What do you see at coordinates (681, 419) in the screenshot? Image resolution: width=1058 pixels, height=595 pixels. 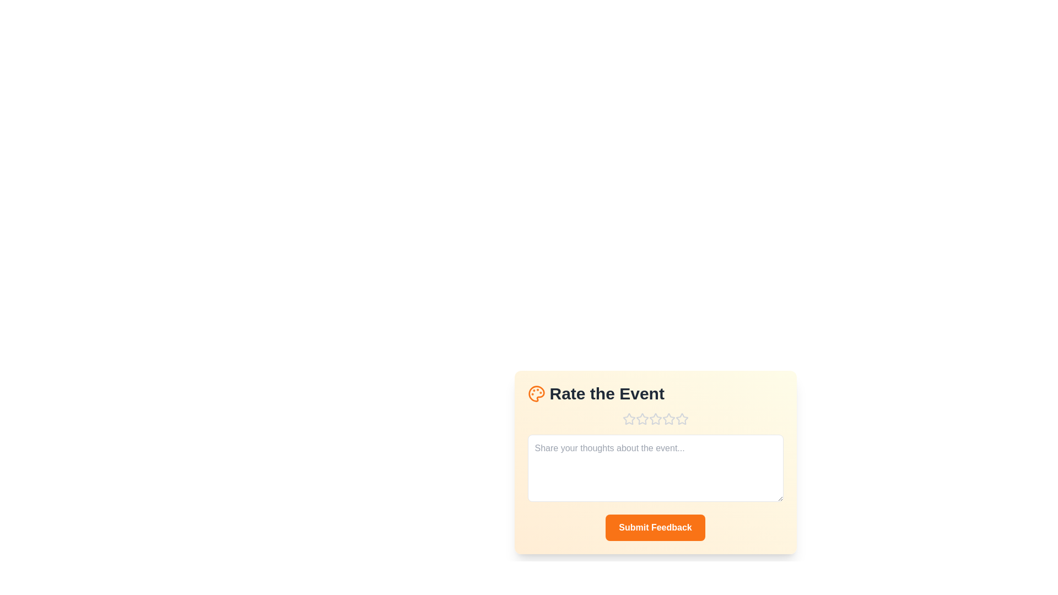 I see `the star corresponding to the desired rating 5 to set the rating` at bounding box center [681, 419].